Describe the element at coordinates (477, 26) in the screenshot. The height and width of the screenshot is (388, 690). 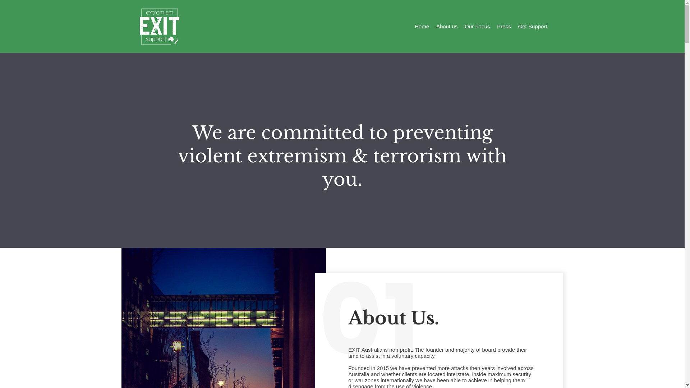
I see `'Our Focus'` at that location.